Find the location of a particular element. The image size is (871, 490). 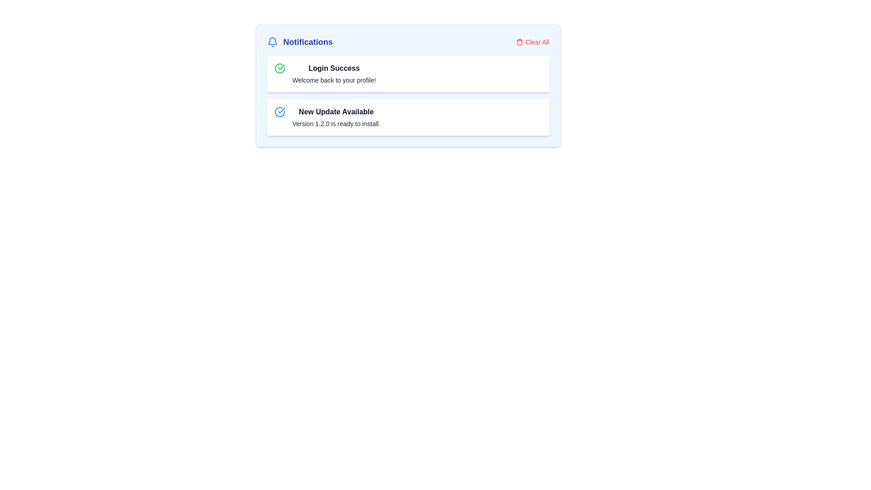

the bell icon in the notification header, which visually denotes the notification area and is positioned to the far left of the title text 'Notifications' is located at coordinates (272, 42).